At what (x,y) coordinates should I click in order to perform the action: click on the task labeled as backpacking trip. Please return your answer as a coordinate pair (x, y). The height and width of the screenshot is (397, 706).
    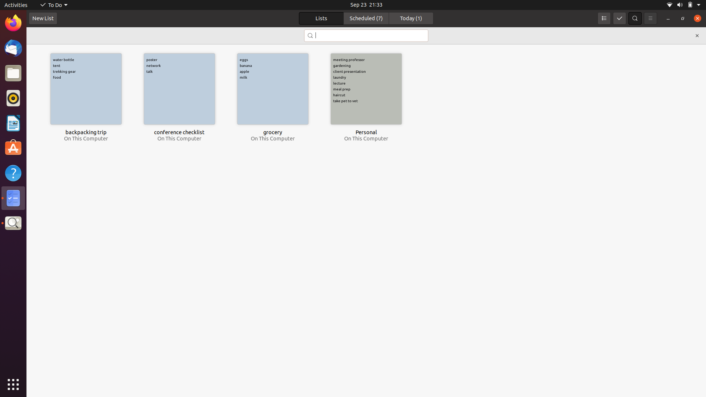
    Looking at the image, I should click on (86, 89).